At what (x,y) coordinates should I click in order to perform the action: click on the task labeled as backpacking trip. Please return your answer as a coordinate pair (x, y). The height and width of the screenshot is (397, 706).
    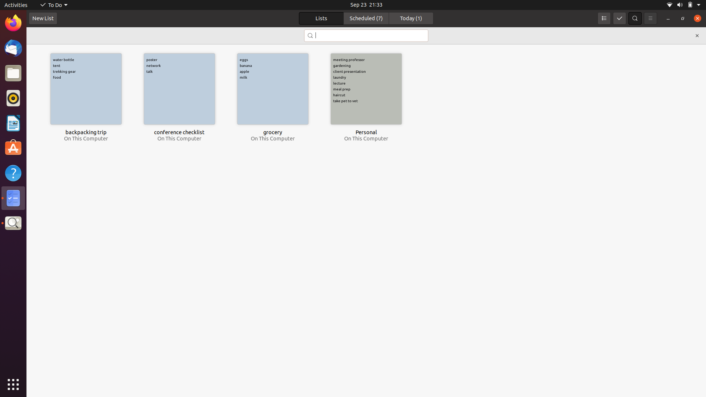
    Looking at the image, I should click on (86, 89).